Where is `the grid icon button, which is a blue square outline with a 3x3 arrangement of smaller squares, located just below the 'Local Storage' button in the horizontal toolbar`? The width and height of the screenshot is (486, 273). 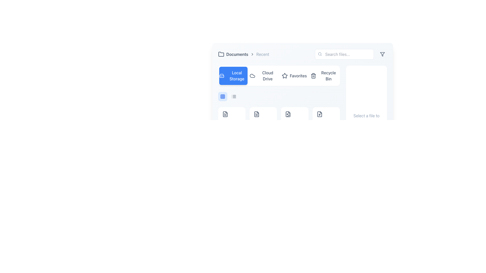 the grid icon button, which is a blue square outline with a 3x3 arrangement of smaller squares, located just below the 'Local Storage' button in the horizontal toolbar is located at coordinates (222, 96).